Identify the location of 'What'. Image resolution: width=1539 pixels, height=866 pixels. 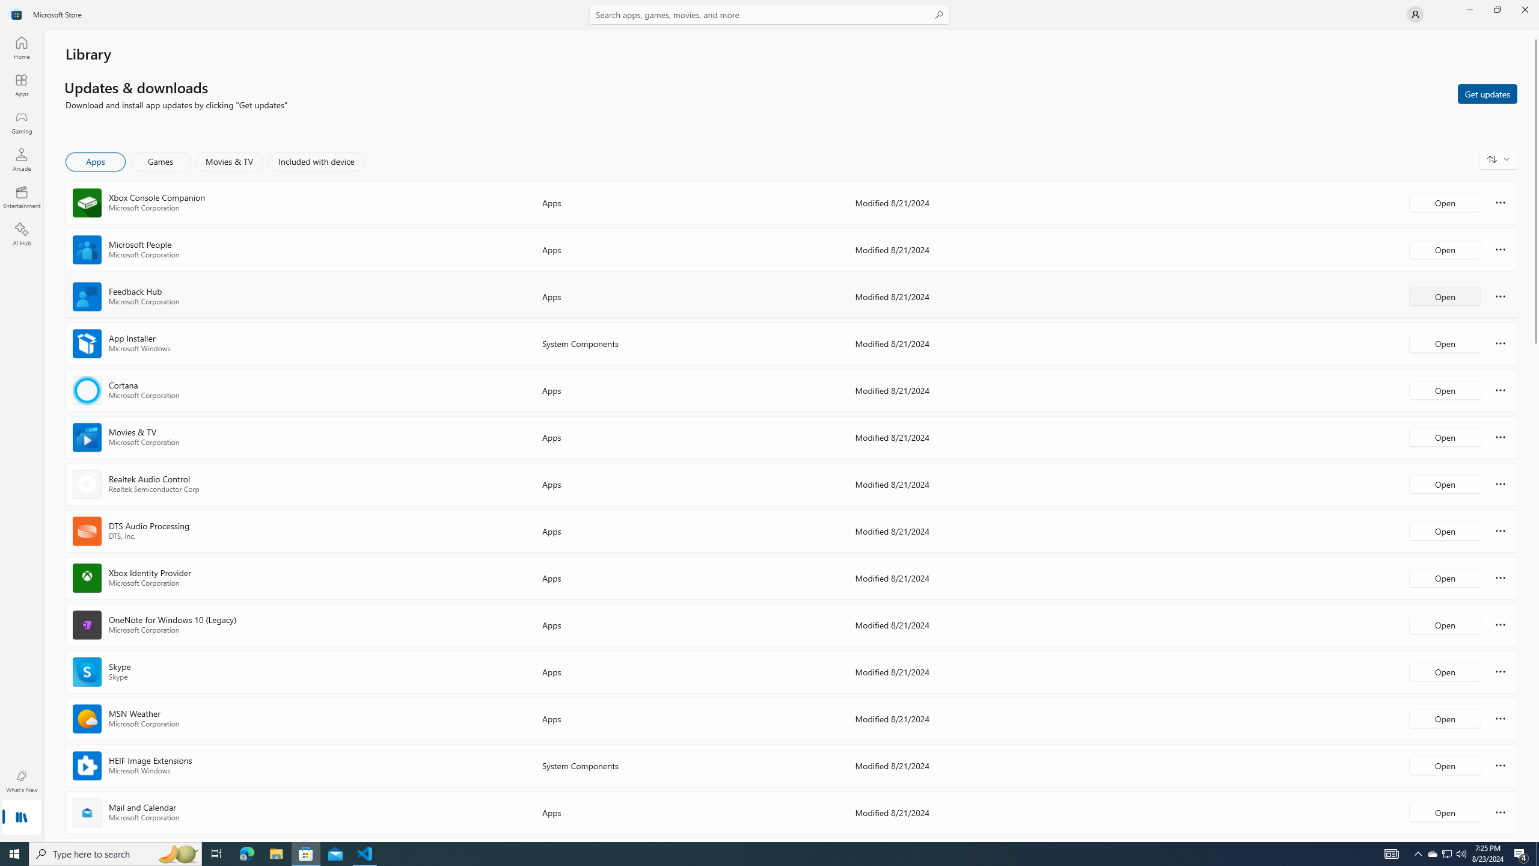
(20, 781).